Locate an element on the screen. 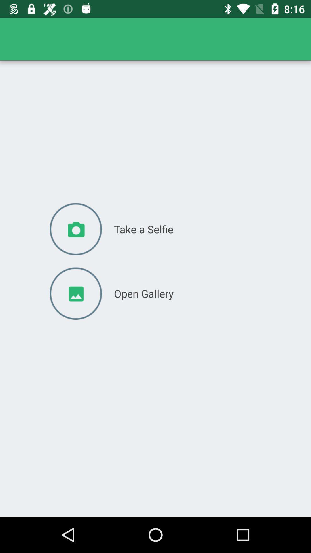 The height and width of the screenshot is (553, 311). the wallpaper icon is located at coordinates (75, 293).